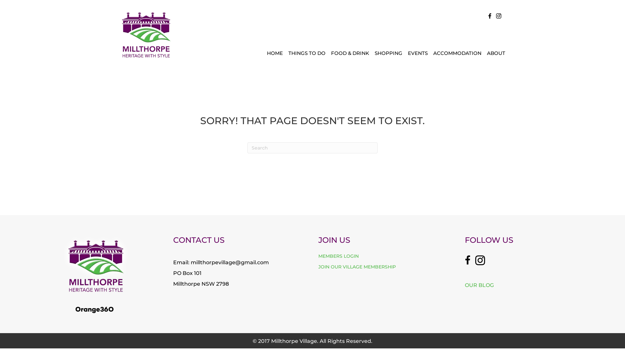 This screenshot has width=625, height=351. Describe the element at coordinates (495, 53) in the screenshot. I see `'ABOUT'` at that location.